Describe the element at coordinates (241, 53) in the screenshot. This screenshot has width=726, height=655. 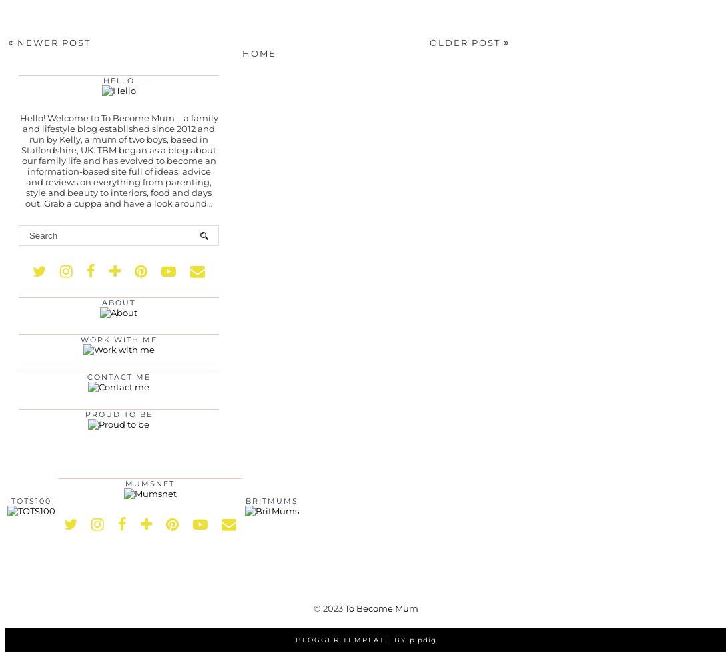
I see `'Home'` at that location.